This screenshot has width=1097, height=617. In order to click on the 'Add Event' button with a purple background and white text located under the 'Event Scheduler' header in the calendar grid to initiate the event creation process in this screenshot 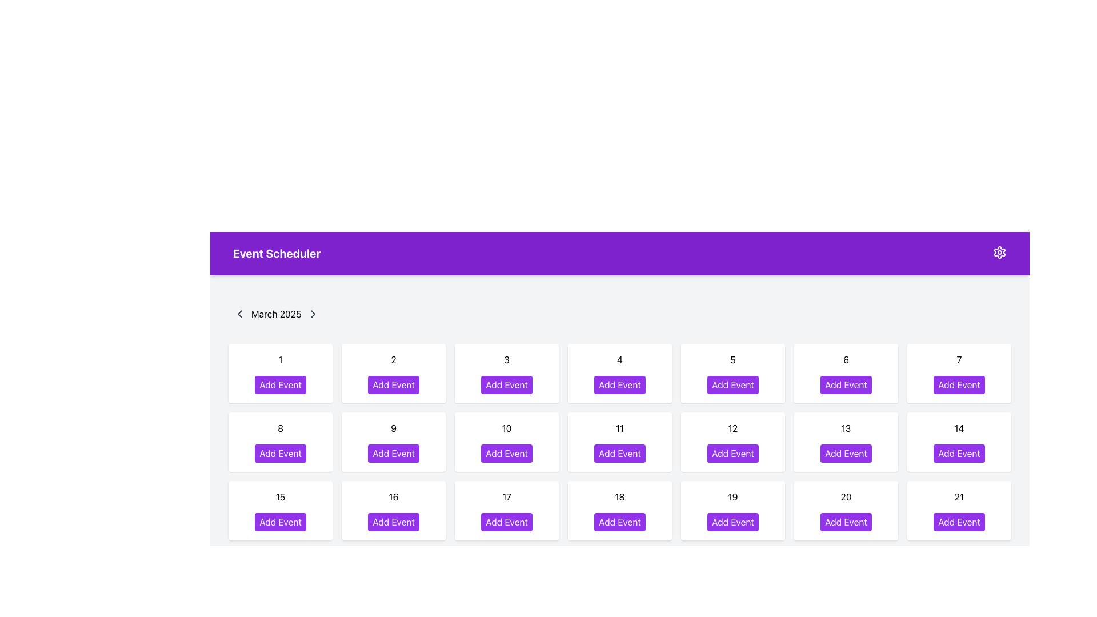, I will do `click(959, 385)`.